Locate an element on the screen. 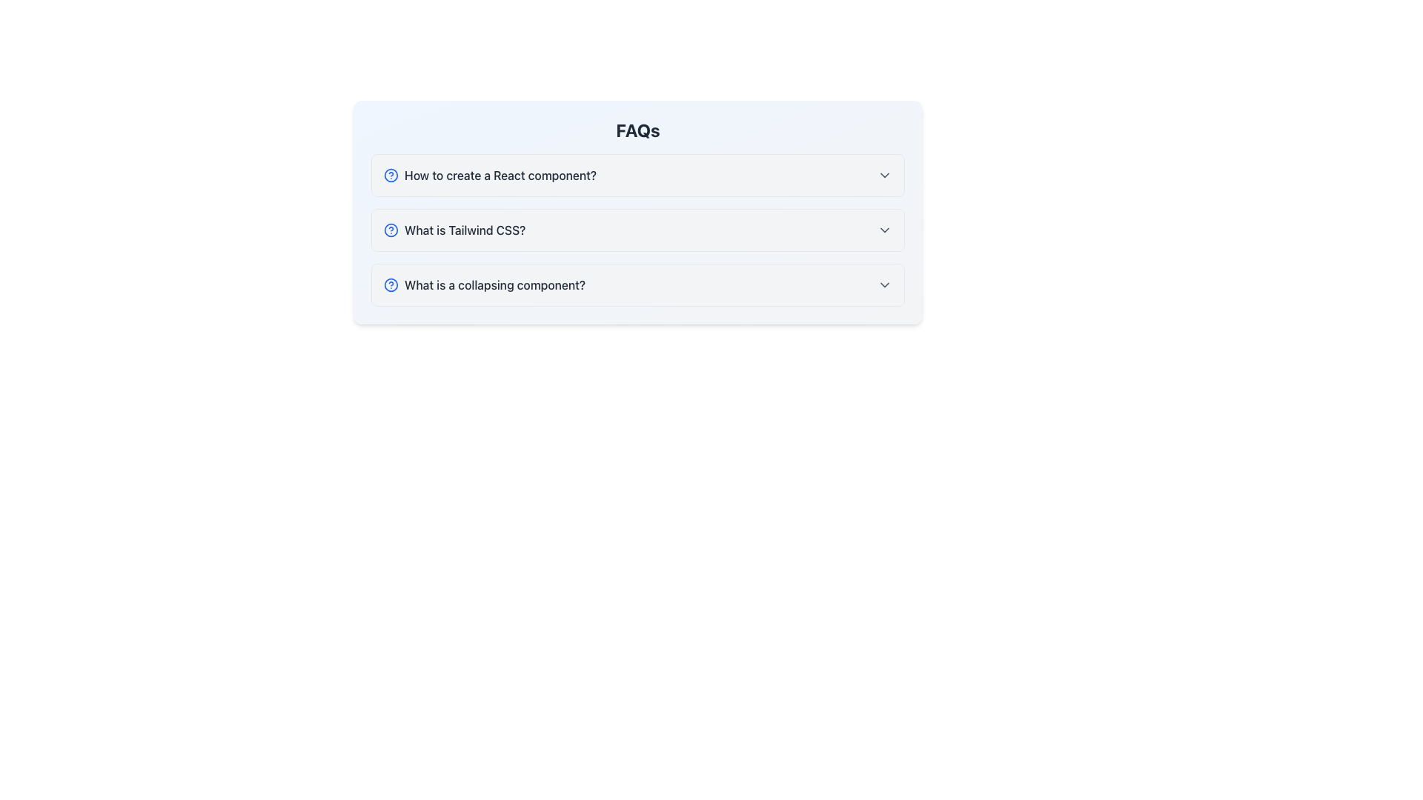  the text label displaying the question 'What is Tailwind CSS?' to read the tooltip is located at coordinates (454, 230).